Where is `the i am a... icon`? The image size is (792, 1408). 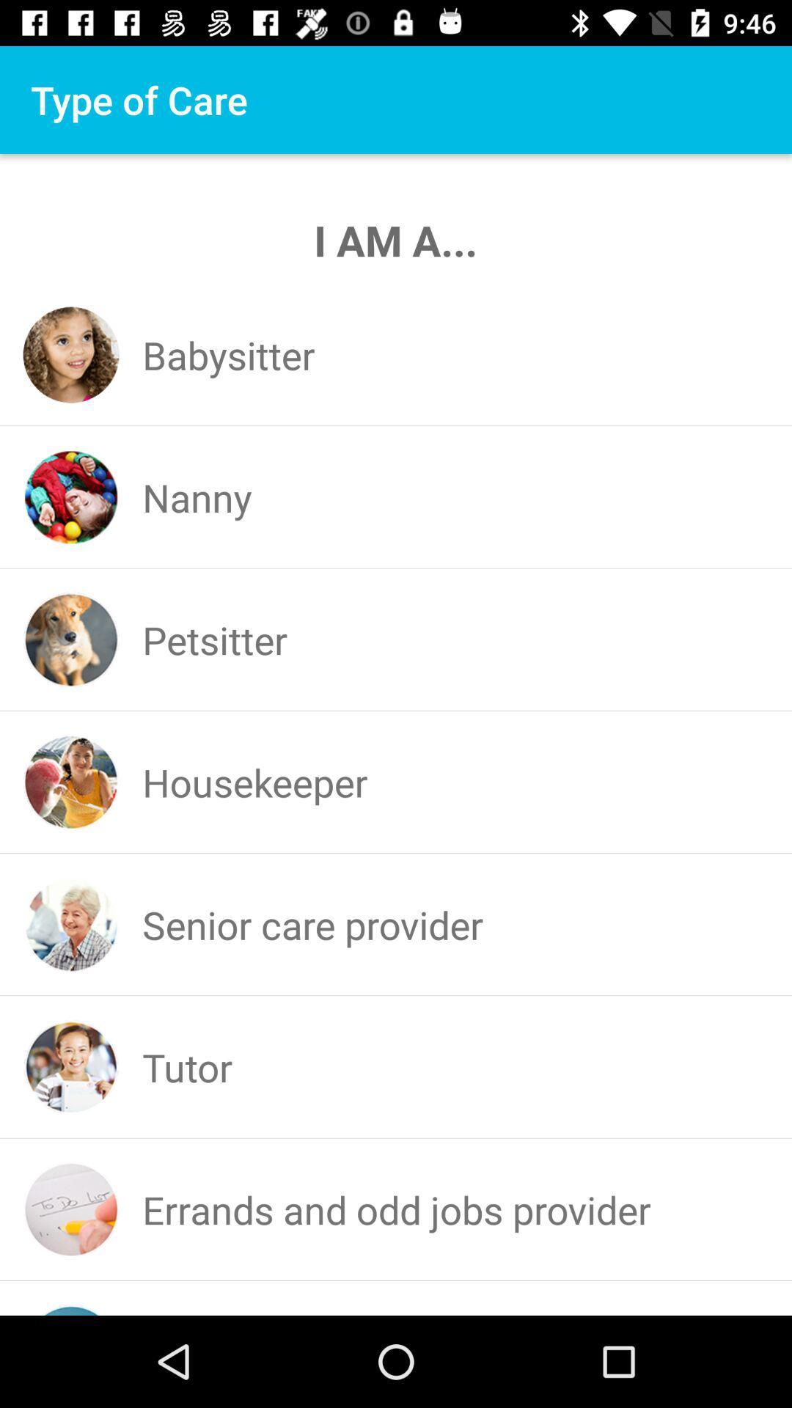 the i am a... icon is located at coordinates (395, 240).